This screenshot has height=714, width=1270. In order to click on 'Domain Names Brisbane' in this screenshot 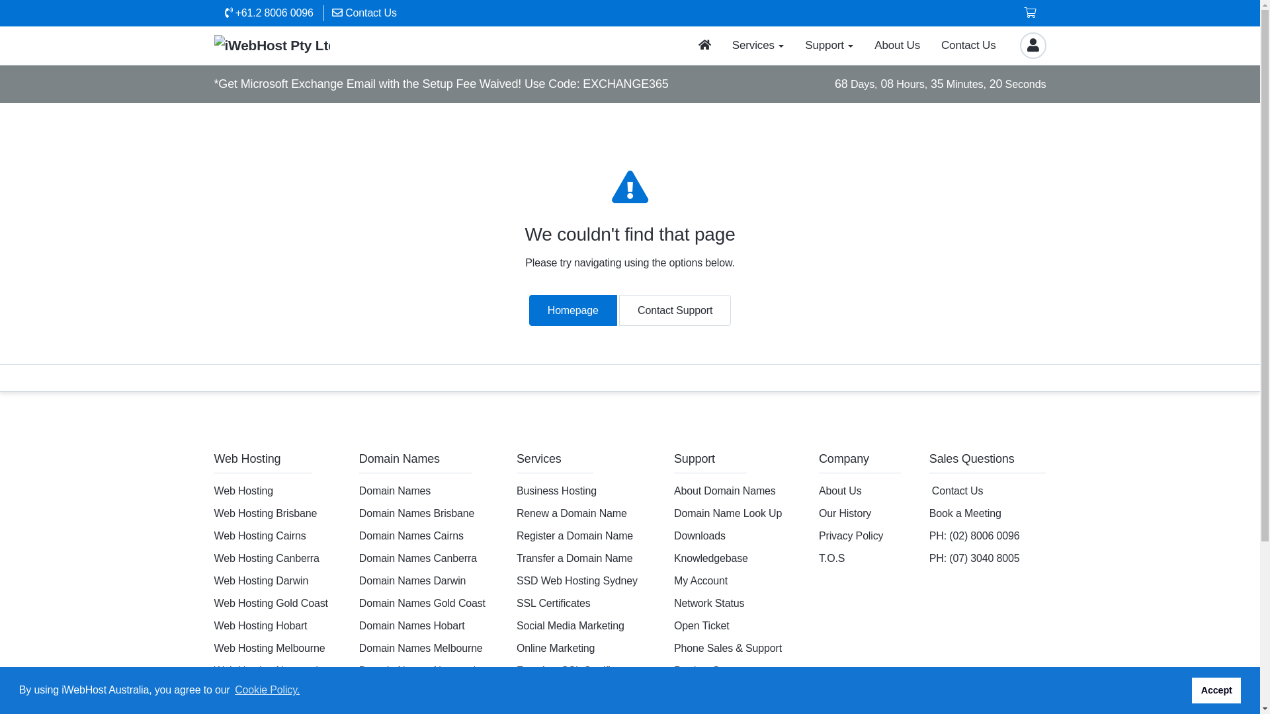, I will do `click(359, 512)`.